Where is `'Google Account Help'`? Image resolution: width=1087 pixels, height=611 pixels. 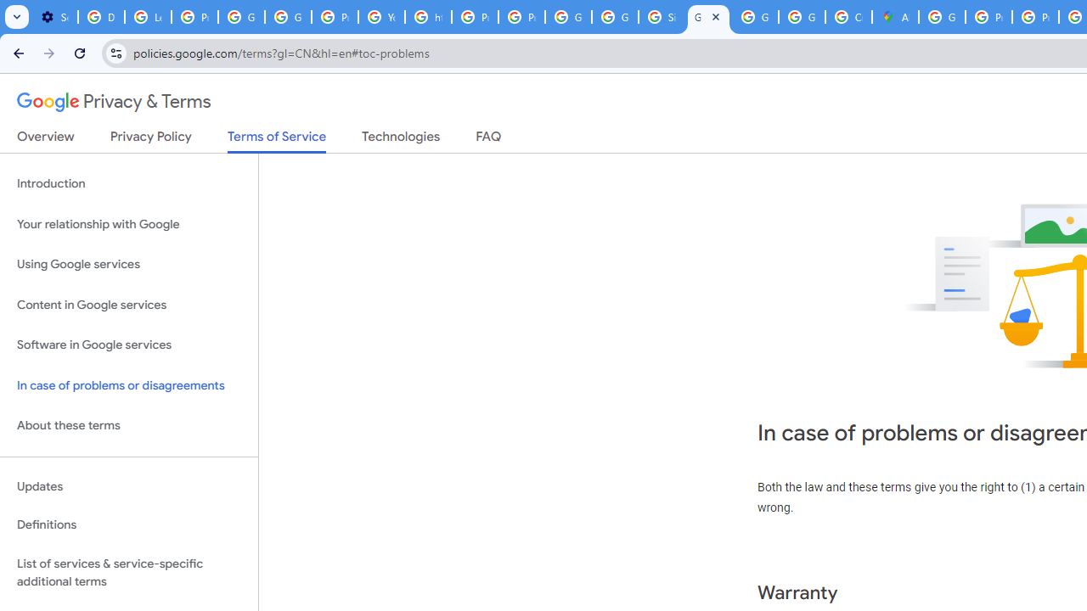 'Google Account Help' is located at coordinates (240, 17).